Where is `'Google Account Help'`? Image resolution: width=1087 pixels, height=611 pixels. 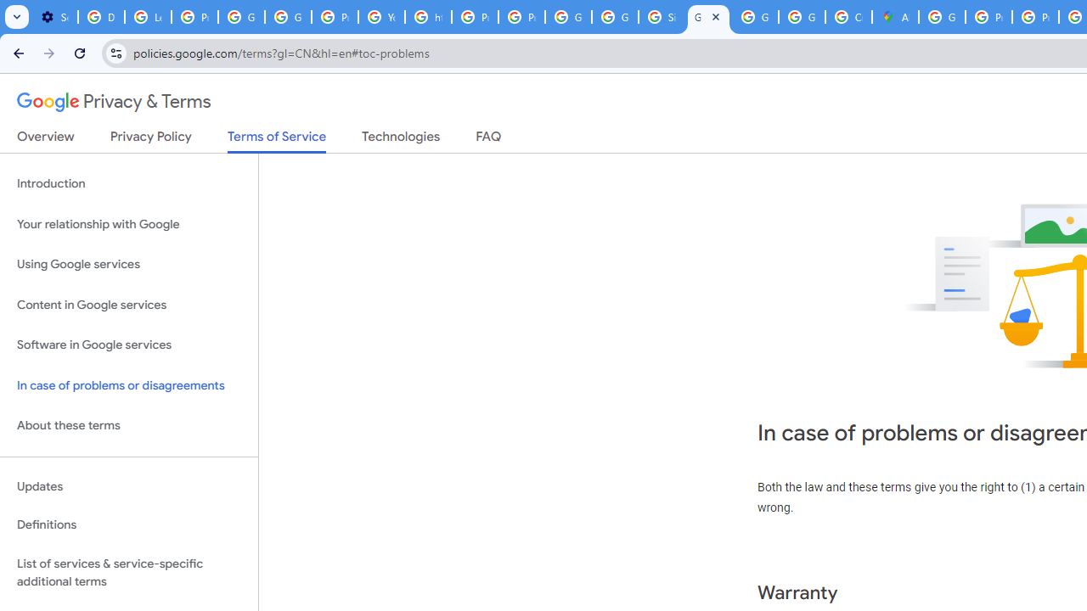 'Google Account Help' is located at coordinates (240, 17).